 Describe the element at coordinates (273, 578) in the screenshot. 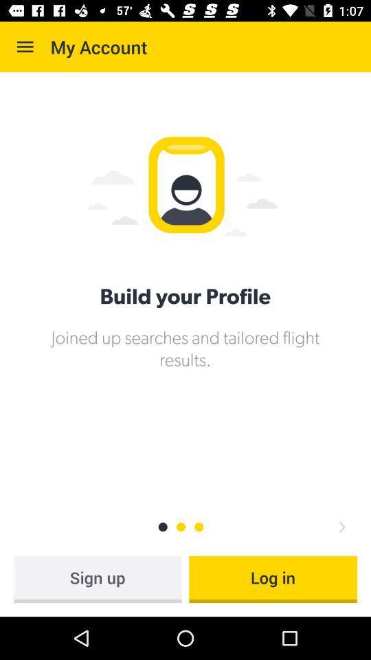

I see `the icon to the right of the sign up` at that location.